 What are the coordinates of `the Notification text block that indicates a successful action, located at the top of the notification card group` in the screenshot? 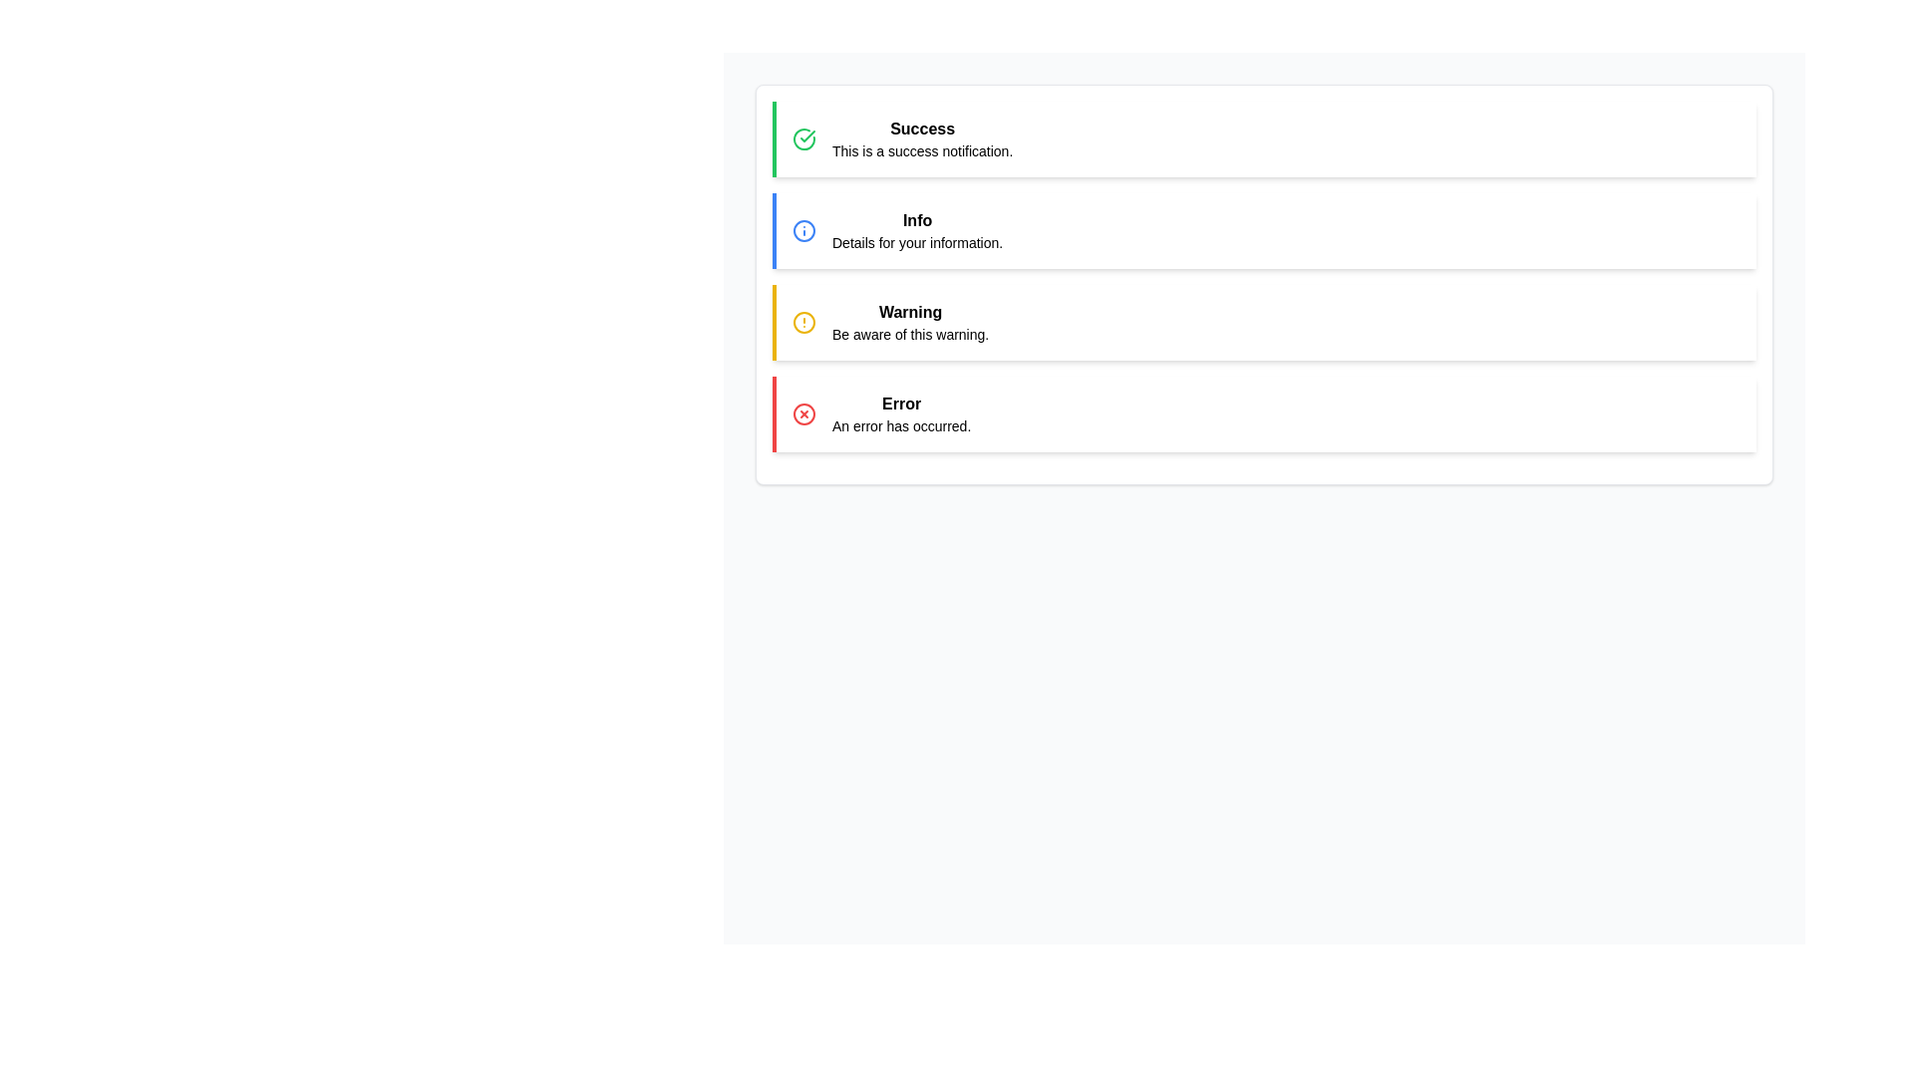 It's located at (921, 137).